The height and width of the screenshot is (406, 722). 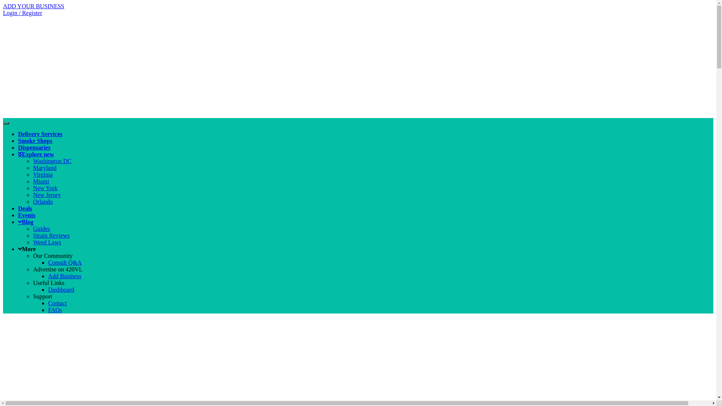 I want to click on 'Explore new', so click(x=36, y=153).